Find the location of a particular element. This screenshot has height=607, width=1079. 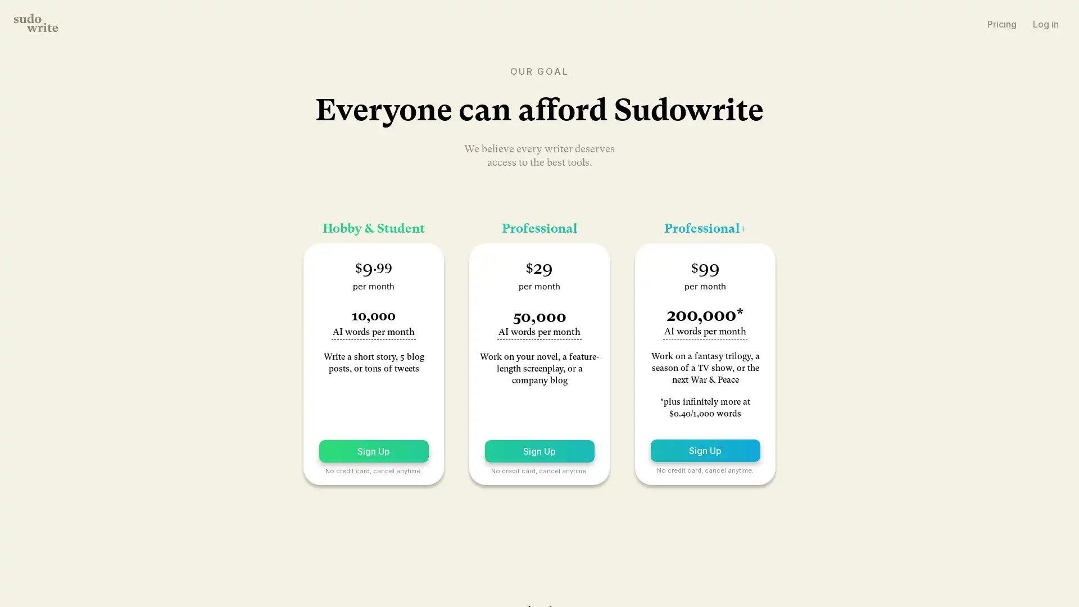

Sign Up is located at coordinates (373, 450).